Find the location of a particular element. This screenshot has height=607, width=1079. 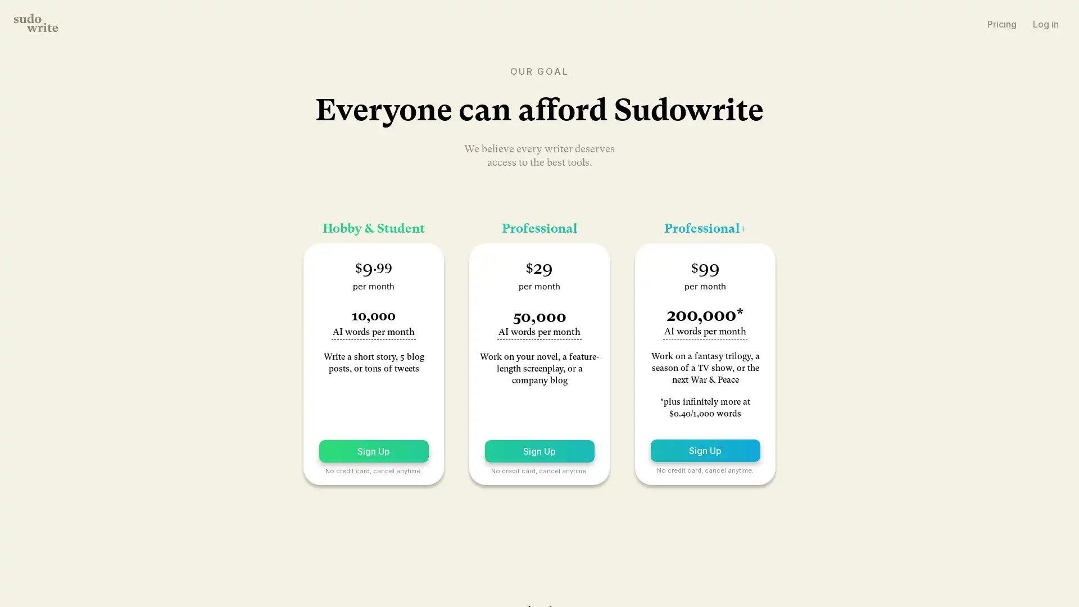

Sign Up is located at coordinates (373, 450).